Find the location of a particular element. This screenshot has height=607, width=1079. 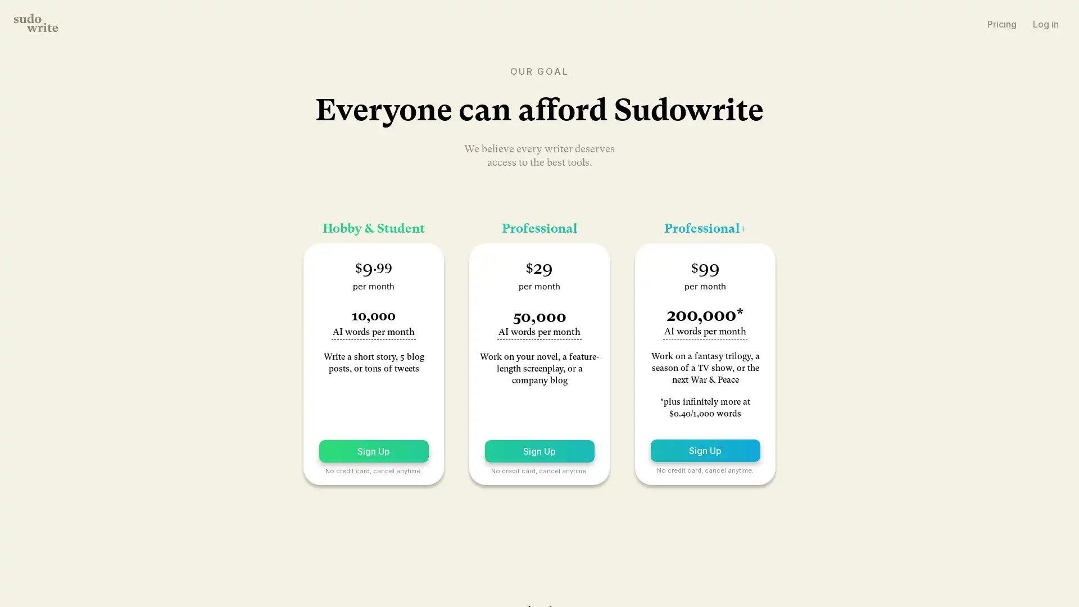

Sign Up is located at coordinates (373, 450).